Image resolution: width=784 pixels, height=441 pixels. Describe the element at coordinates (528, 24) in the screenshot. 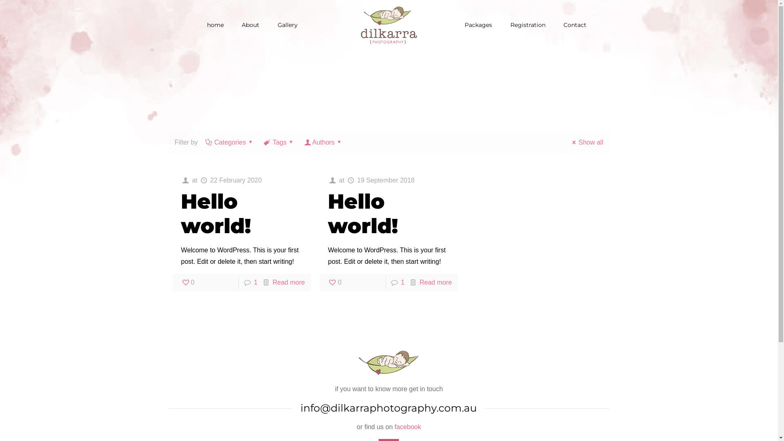

I see `'Registration'` at that location.